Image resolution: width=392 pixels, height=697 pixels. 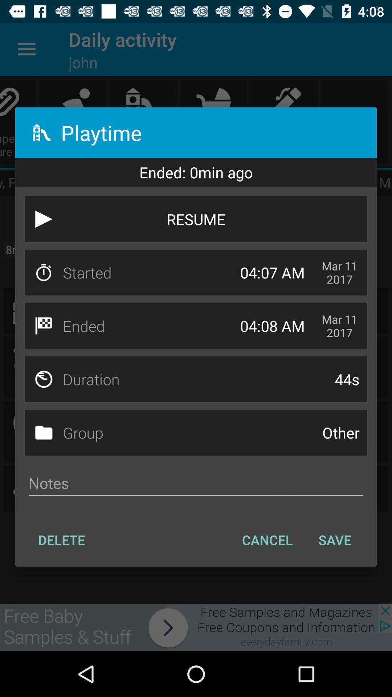 I want to click on the icon to the right of the delete item, so click(x=267, y=540).